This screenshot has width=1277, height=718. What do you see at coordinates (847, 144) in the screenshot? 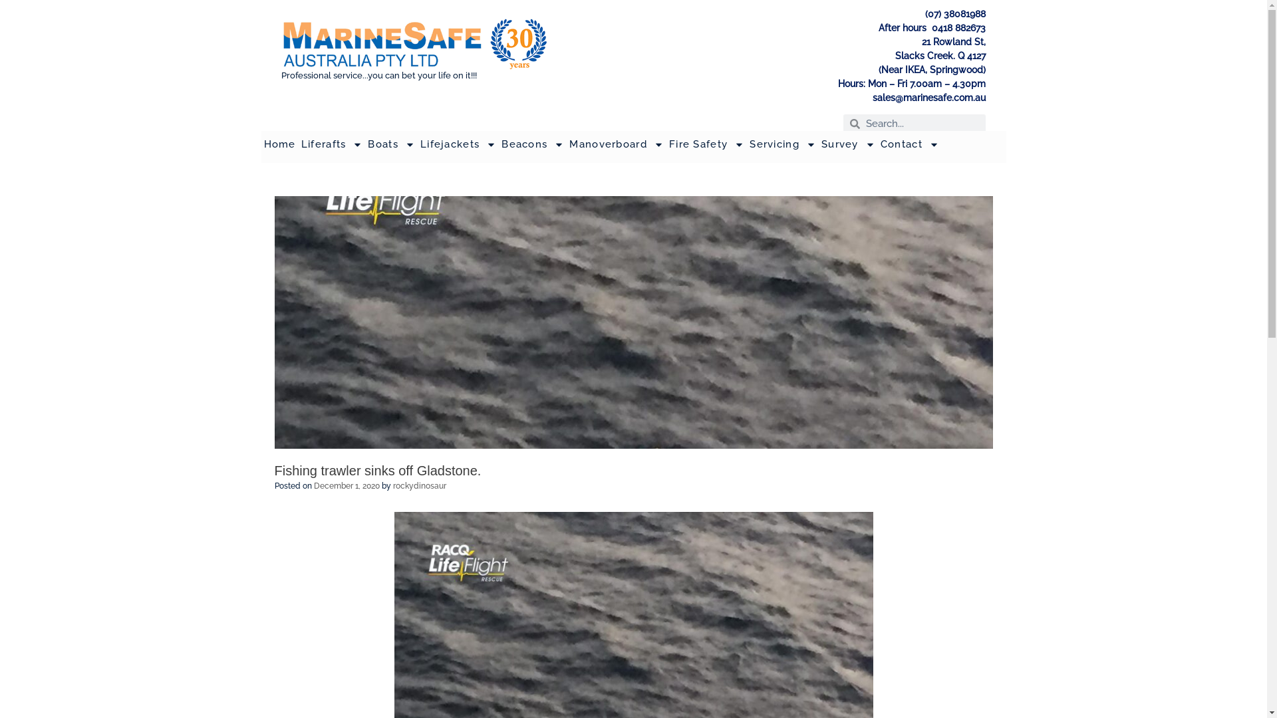
I see `'Survey'` at bounding box center [847, 144].